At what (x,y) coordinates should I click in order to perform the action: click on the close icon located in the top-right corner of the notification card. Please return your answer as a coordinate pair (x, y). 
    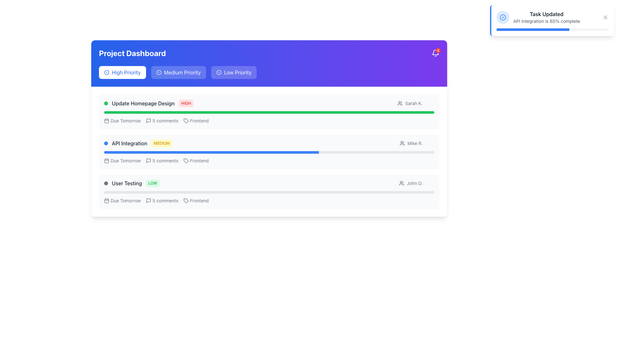
    Looking at the image, I should click on (605, 17).